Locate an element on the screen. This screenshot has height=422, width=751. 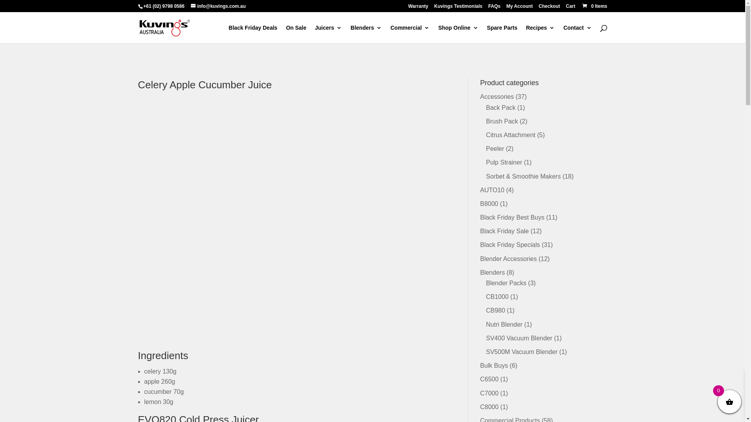
'C7000' is located at coordinates (489, 393).